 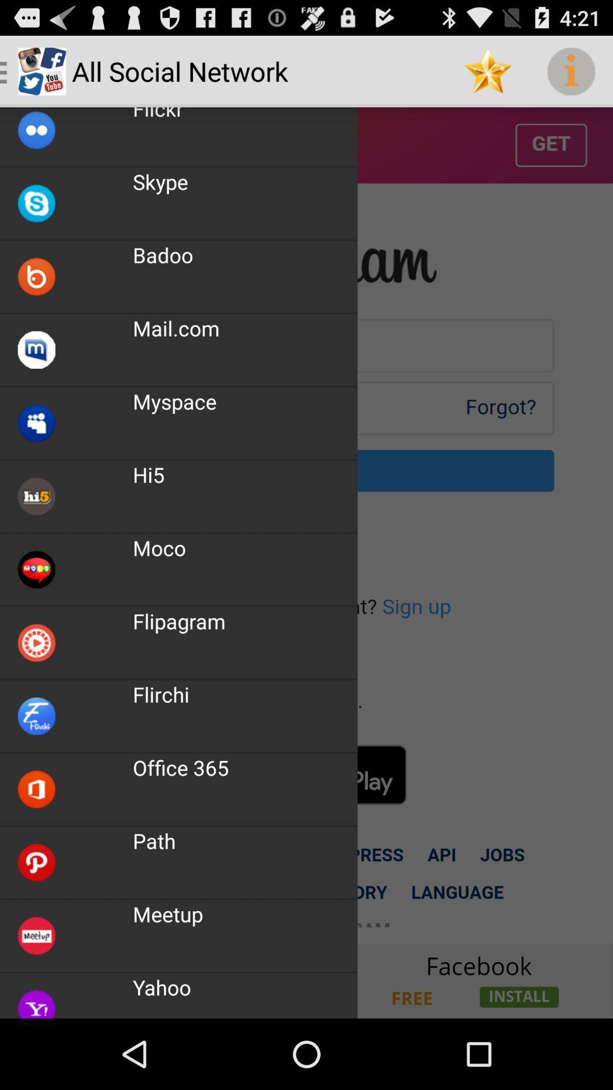 I want to click on the office 365 item, so click(x=180, y=768).